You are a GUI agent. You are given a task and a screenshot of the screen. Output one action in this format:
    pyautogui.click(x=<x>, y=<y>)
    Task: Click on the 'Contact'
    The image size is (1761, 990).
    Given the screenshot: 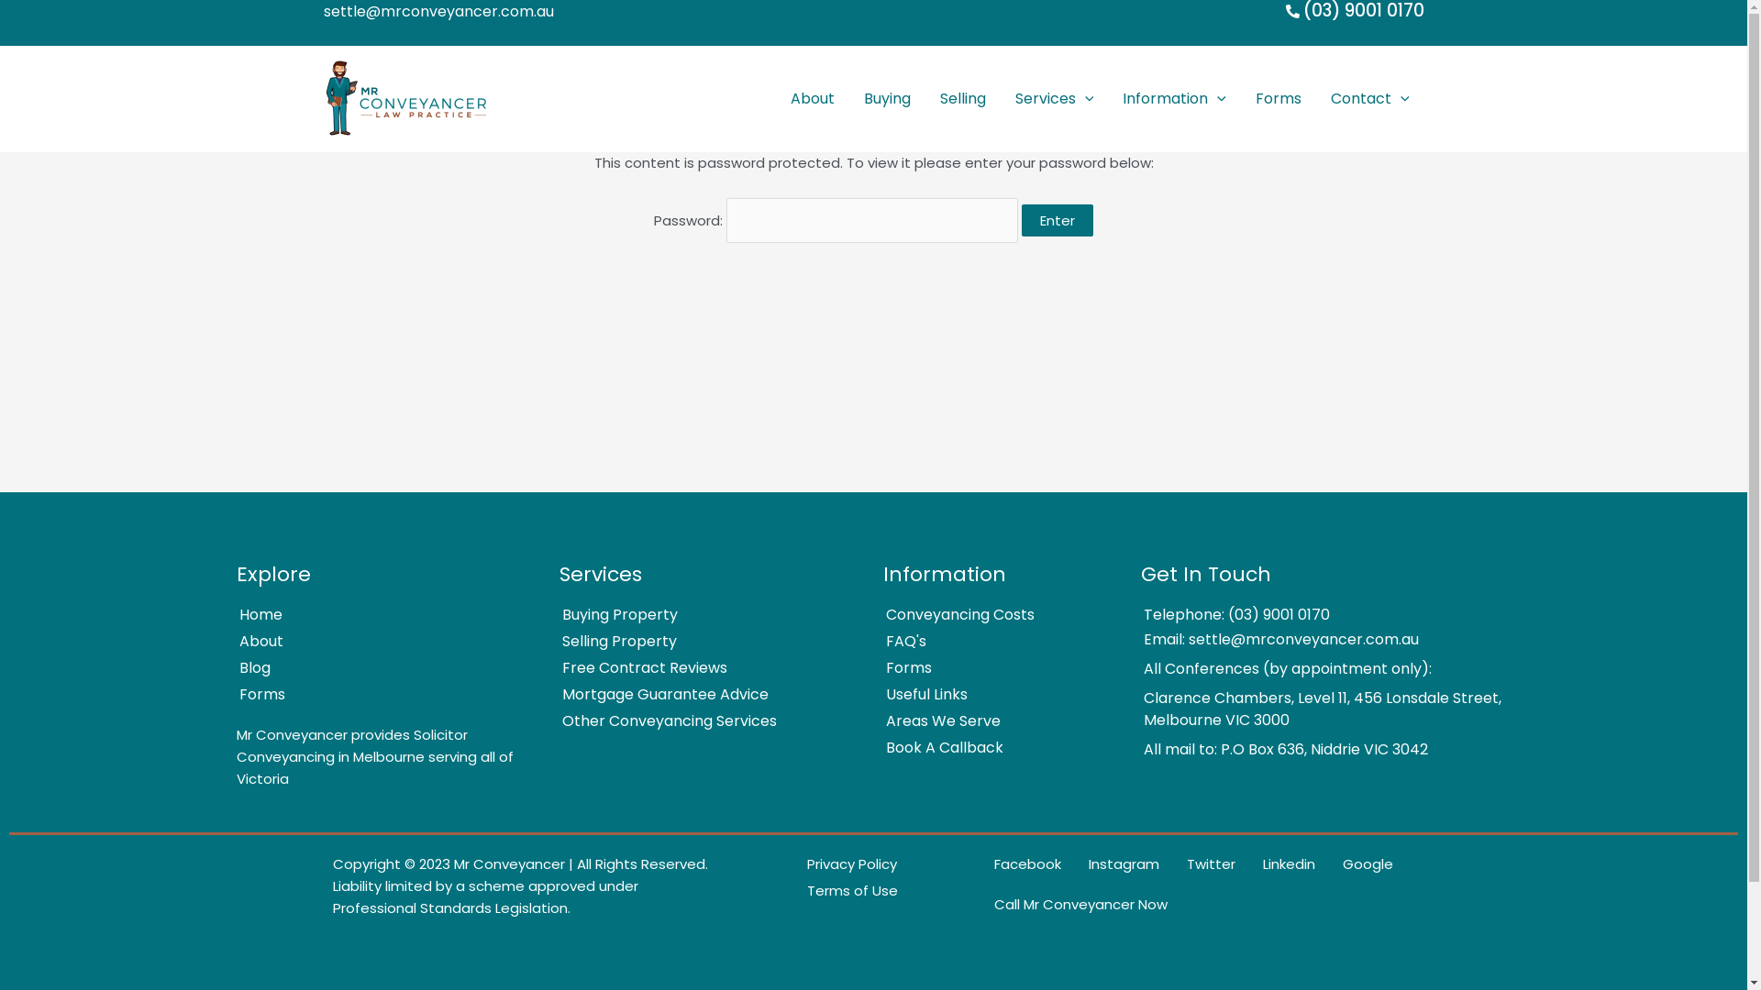 What is the action you would take?
    pyautogui.click(x=1315, y=99)
    